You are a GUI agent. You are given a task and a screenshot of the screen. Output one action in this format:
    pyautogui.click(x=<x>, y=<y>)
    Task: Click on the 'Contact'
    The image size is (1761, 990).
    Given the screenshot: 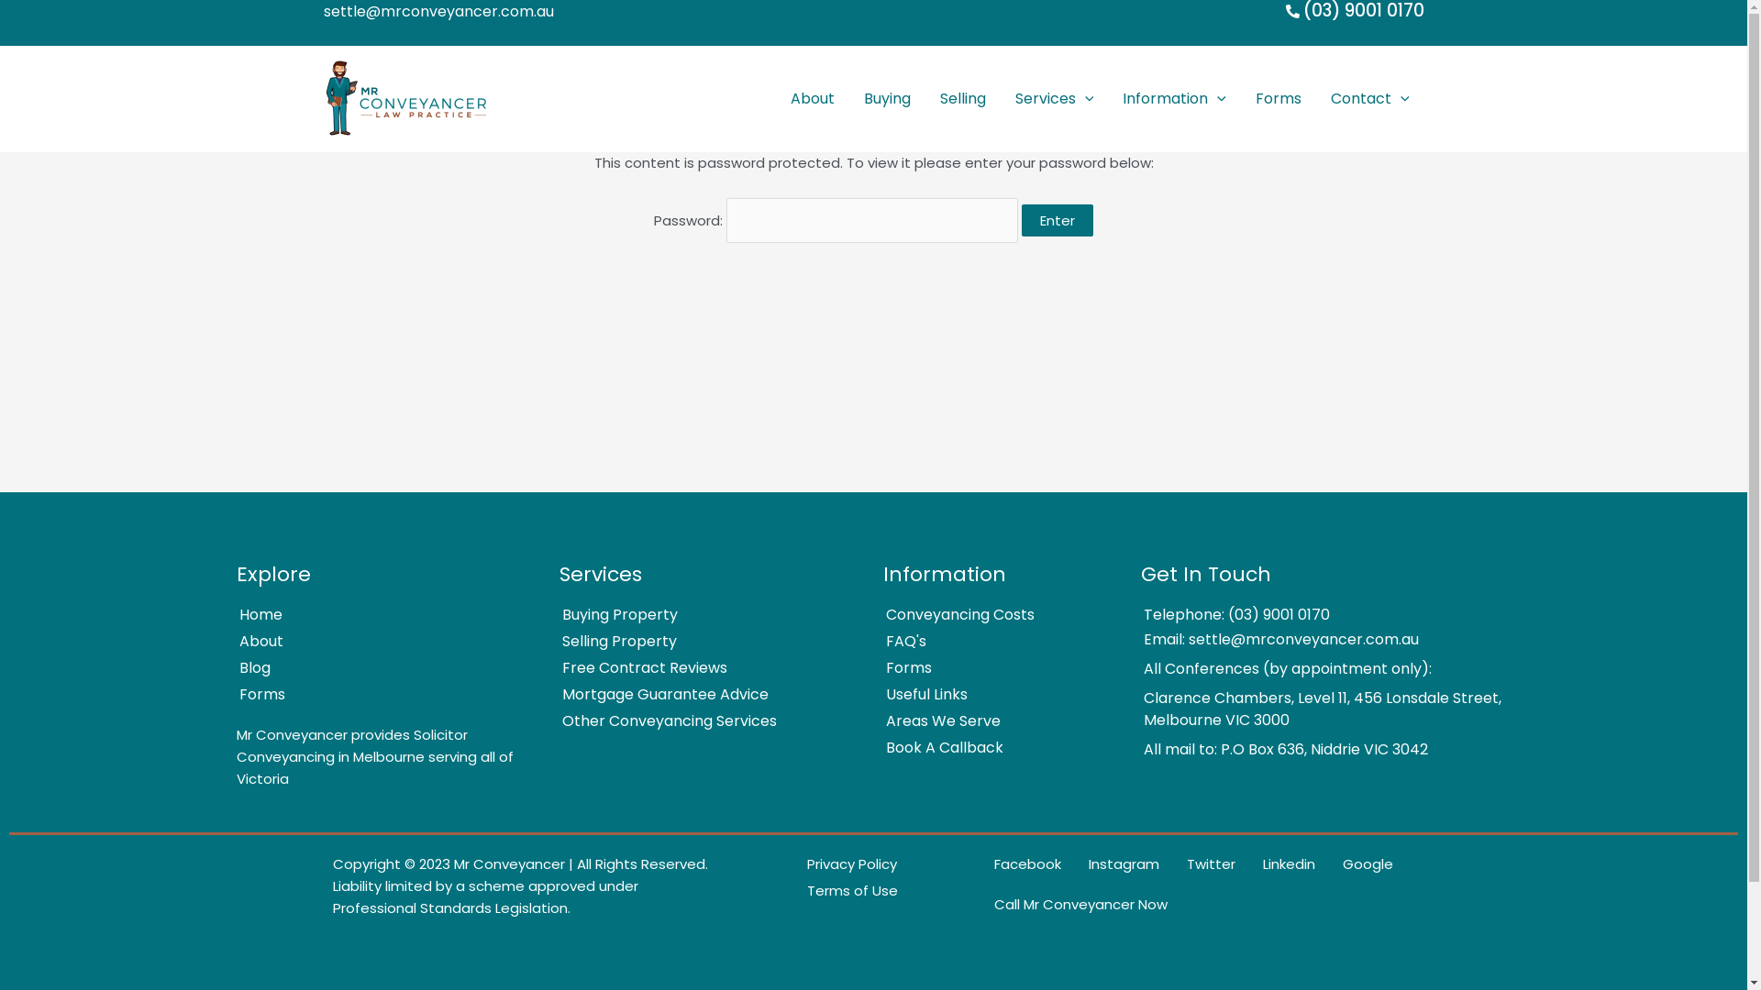 What is the action you would take?
    pyautogui.click(x=1315, y=99)
    